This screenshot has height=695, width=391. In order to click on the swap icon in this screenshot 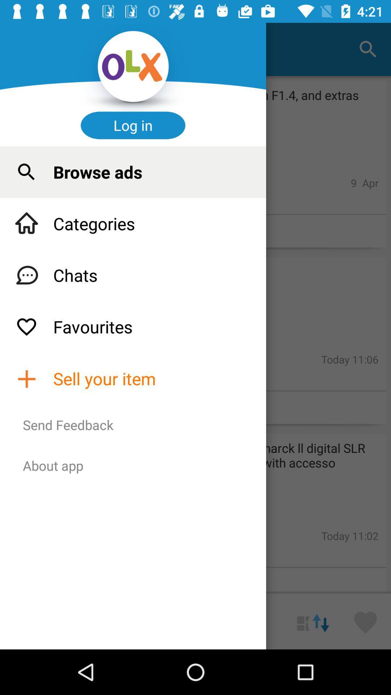, I will do `click(312, 621)`.